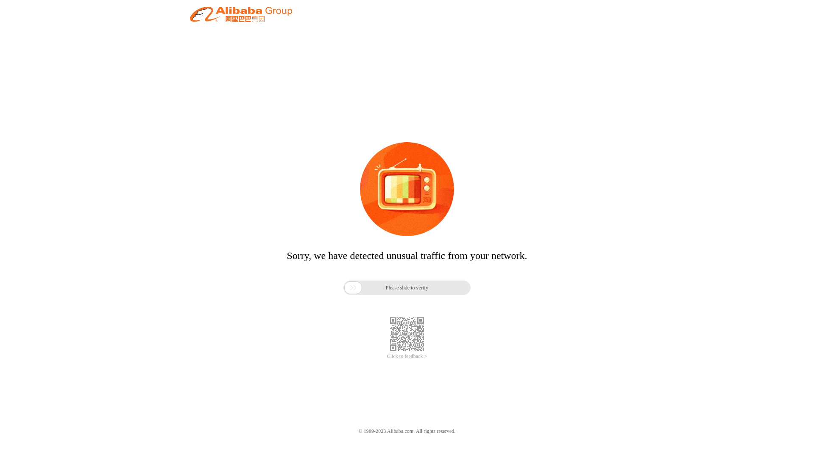  I want to click on 'Click to feedback >', so click(407, 356).